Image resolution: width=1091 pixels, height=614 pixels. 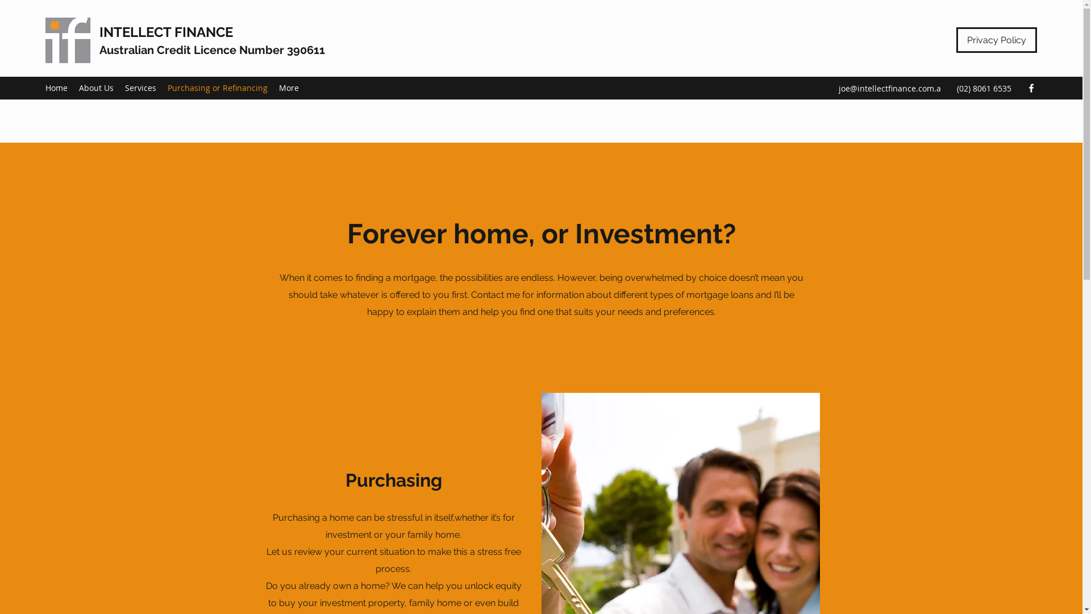 What do you see at coordinates (96, 87) in the screenshot?
I see `'About Us'` at bounding box center [96, 87].